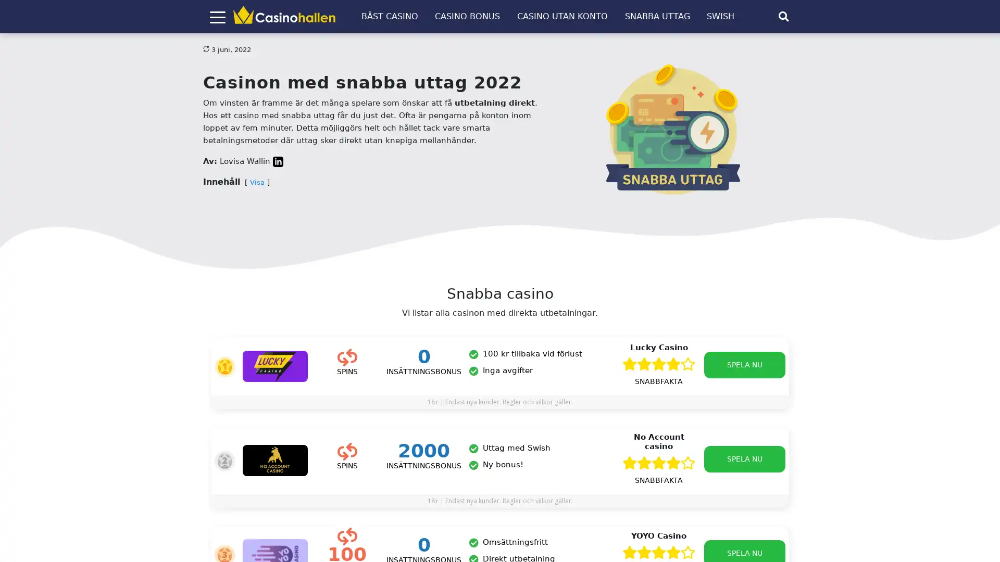 The image size is (1000, 562). What do you see at coordinates (744, 458) in the screenshot?
I see `SPELA NU` at bounding box center [744, 458].